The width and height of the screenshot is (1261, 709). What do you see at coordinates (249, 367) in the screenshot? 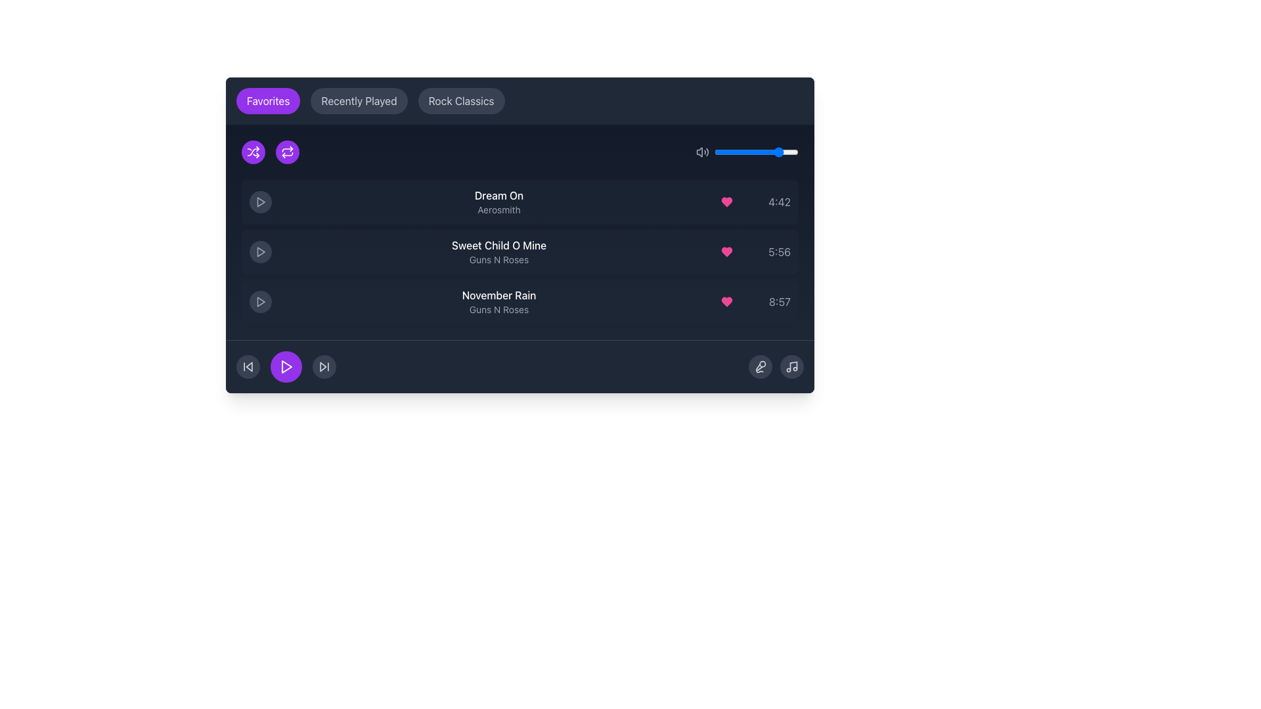
I see `the inner polygon representing the backward skip functionality in the music player, located to the left of the play button` at bounding box center [249, 367].